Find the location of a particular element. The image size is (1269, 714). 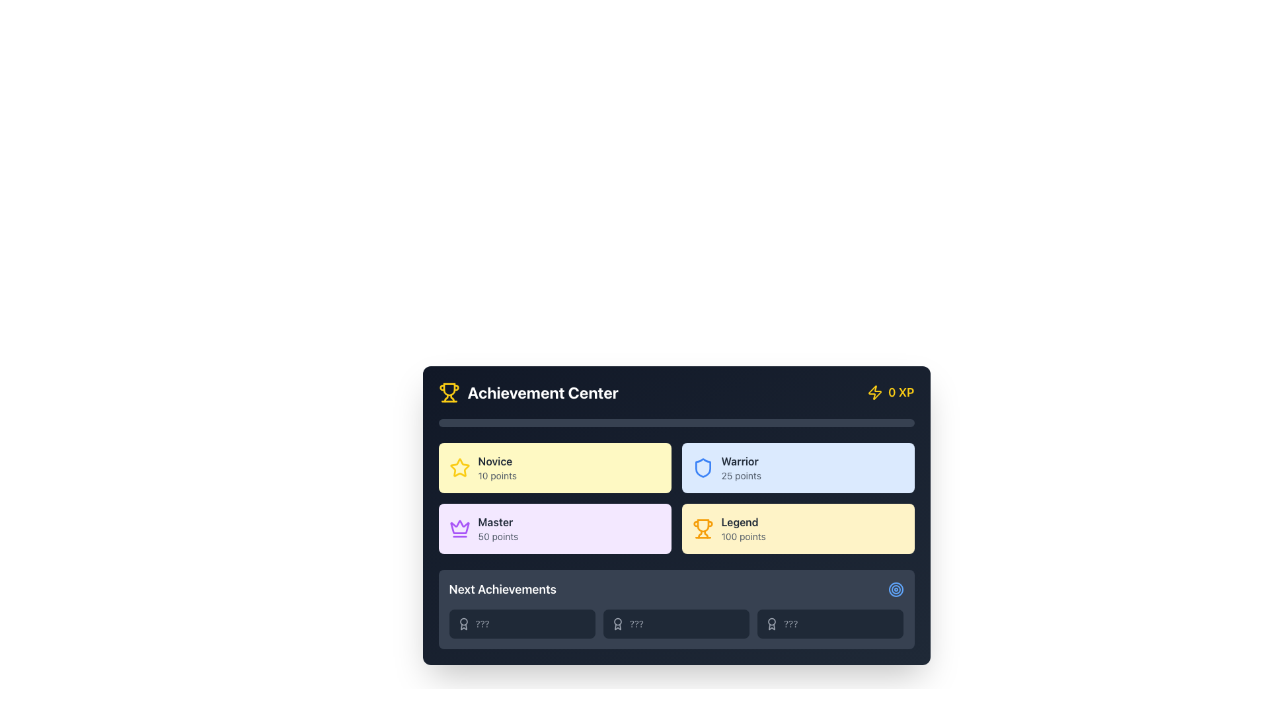

the circular decorative component of the award icon, which symbolizes the central medal or ribbon of the award, located centrally within the award icon is located at coordinates (463, 621).